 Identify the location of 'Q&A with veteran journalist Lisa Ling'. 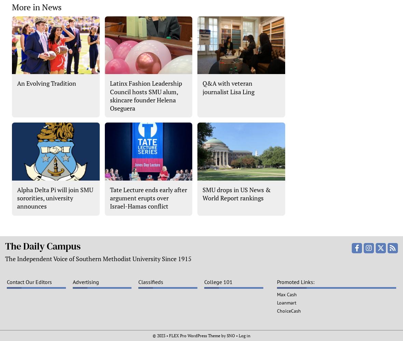
(228, 87).